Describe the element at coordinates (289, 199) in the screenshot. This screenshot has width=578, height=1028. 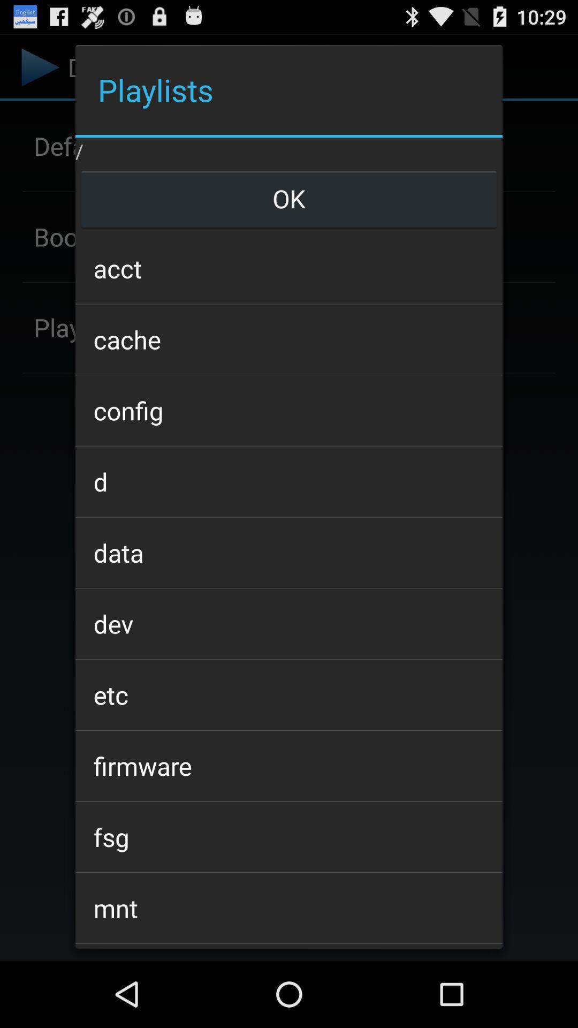
I see `item below the / app` at that location.